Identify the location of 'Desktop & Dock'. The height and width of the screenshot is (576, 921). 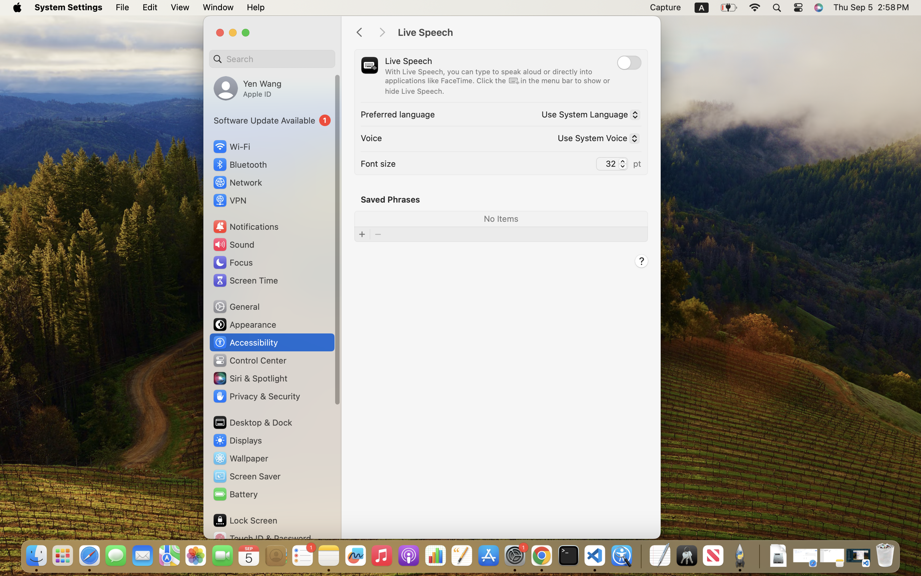
(252, 422).